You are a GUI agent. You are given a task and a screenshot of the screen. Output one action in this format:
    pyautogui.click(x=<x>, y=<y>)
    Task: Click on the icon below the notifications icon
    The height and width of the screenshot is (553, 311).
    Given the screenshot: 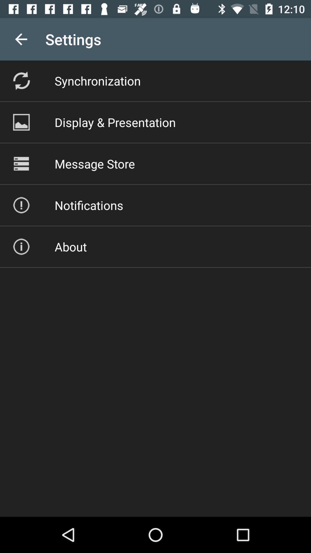 What is the action you would take?
    pyautogui.click(x=70, y=247)
    